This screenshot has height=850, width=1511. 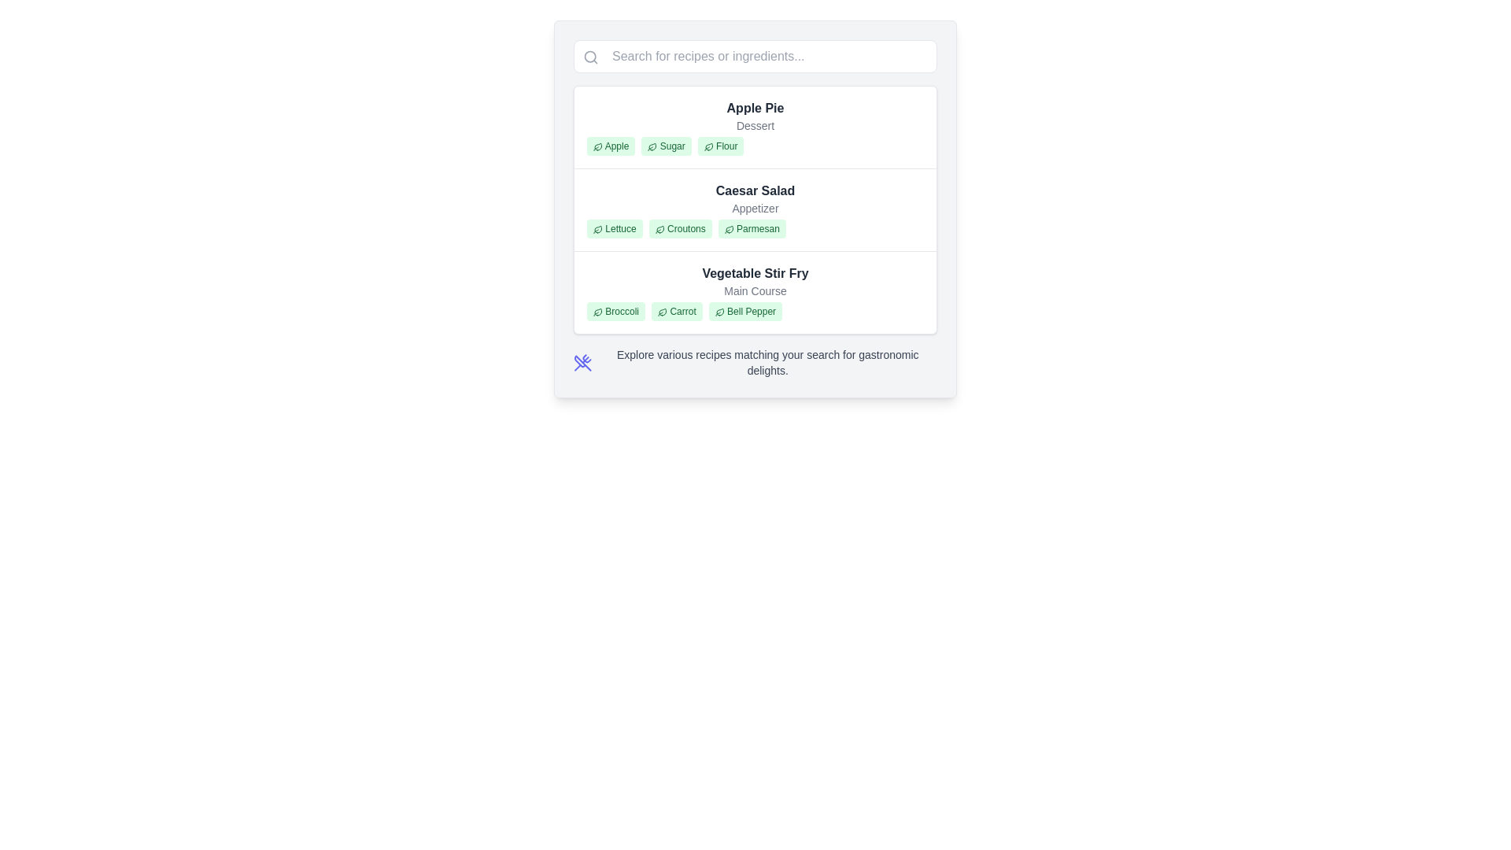 What do you see at coordinates (597, 229) in the screenshot?
I see `the decorative icon representing 'Lettuce' located next to the word 'Lettuce' in the second row labeled 'Caesar Salad'` at bounding box center [597, 229].